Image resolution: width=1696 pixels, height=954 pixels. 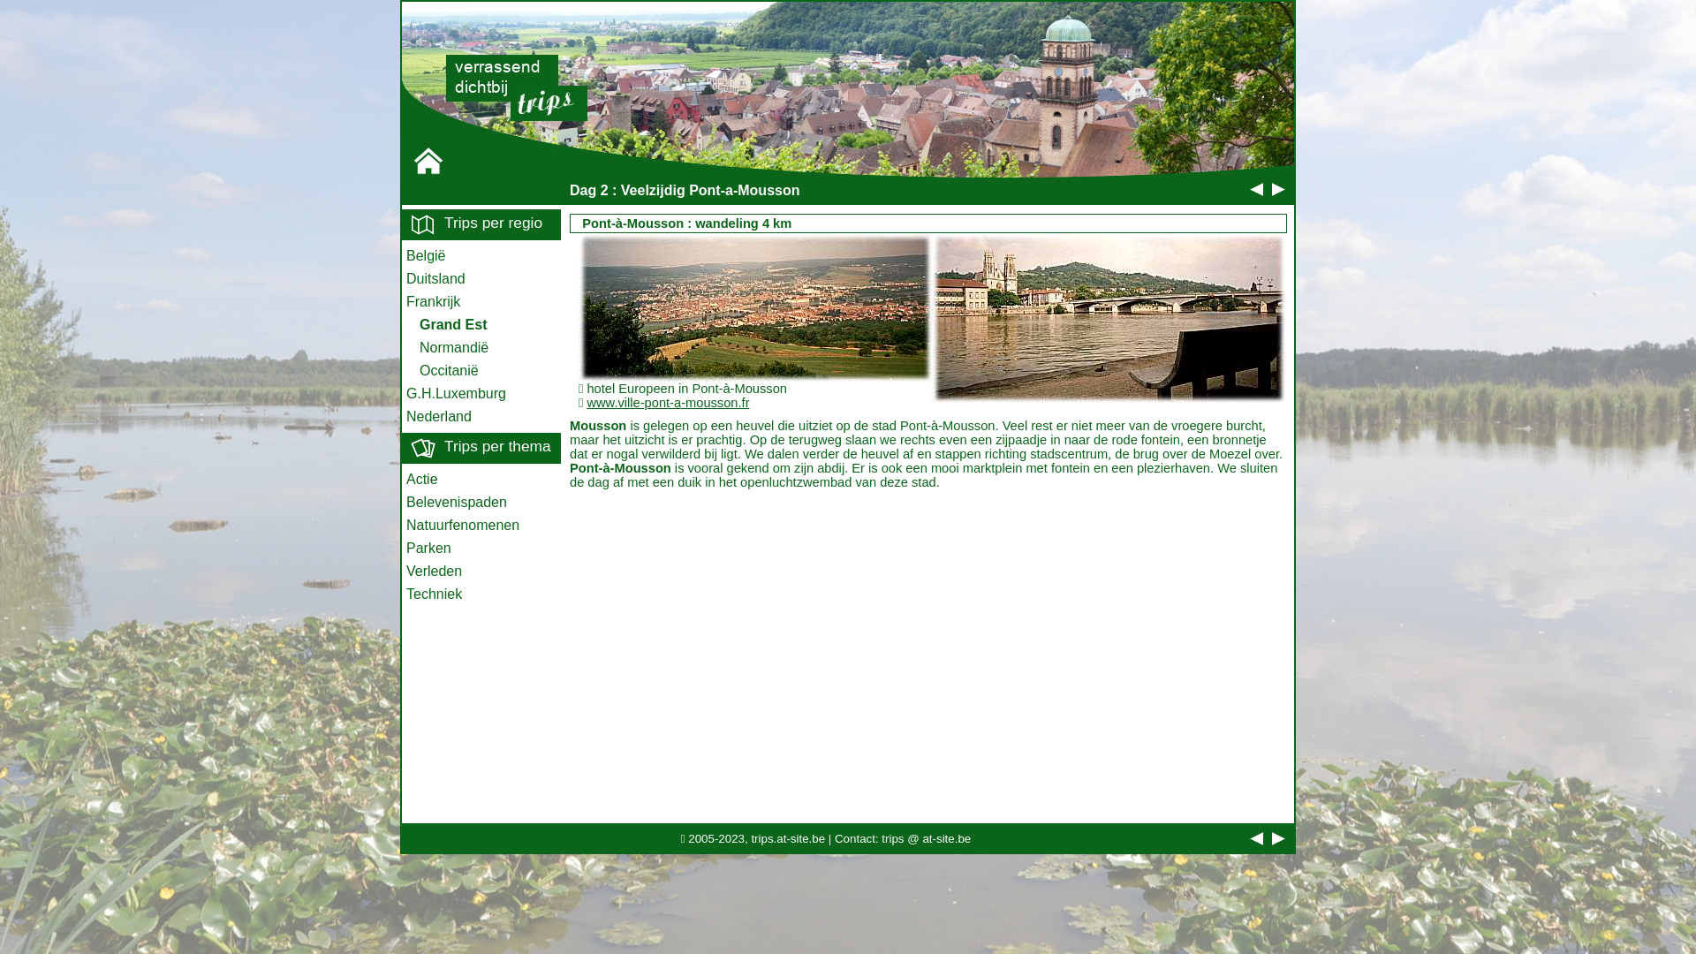 I want to click on 'Frankrijk', so click(x=481, y=301).